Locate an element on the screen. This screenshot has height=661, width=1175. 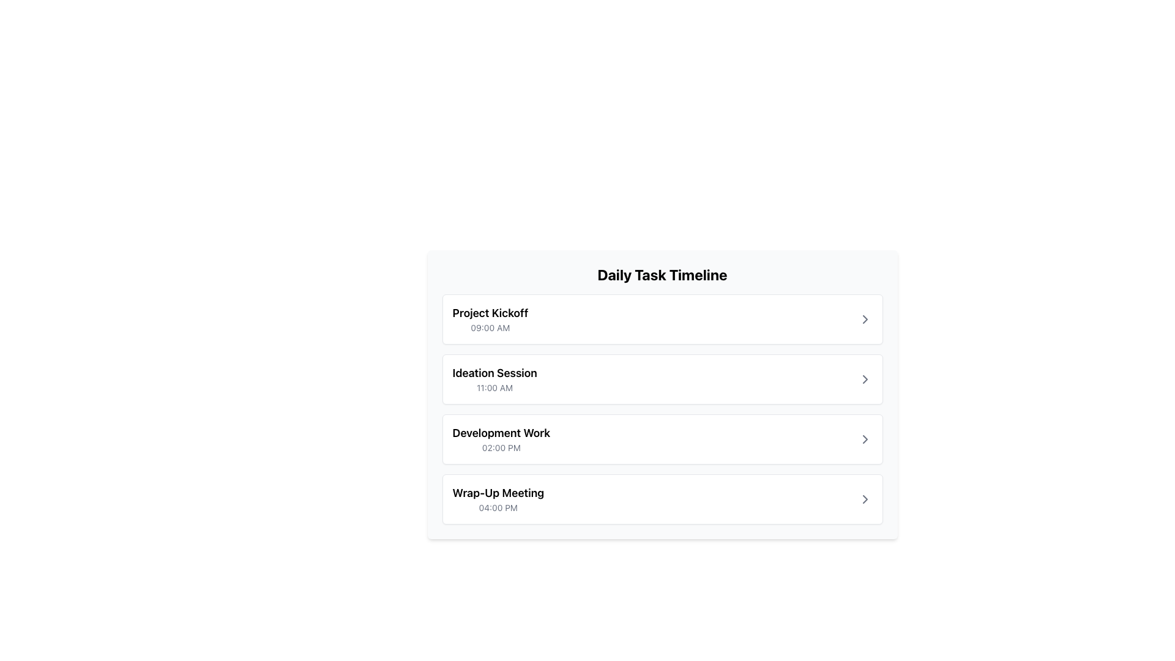
the Text Display element that shows the agenda item 'Project Kickoff' scheduled for '09:00 AM' in the 'Daily Task Timeline' list is located at coordinates (490, 318).